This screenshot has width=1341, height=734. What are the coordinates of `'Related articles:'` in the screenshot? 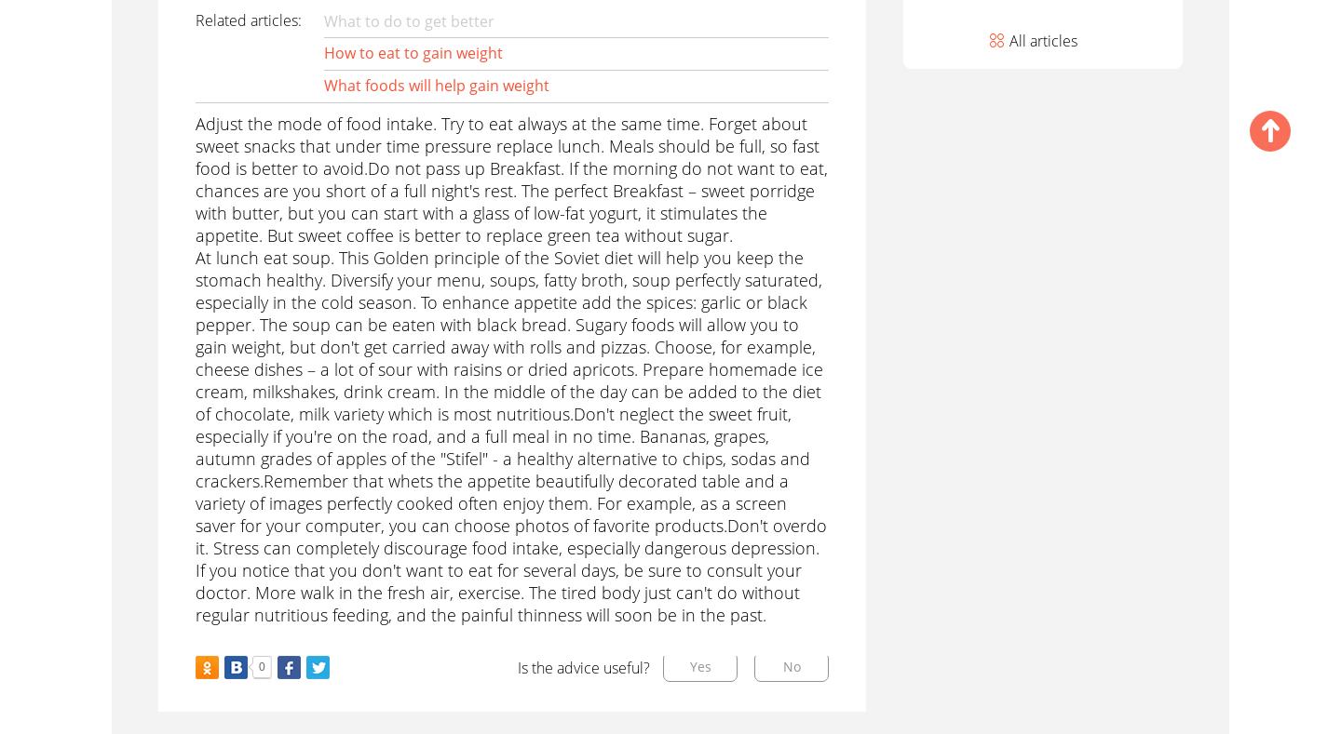 It's located at (246, 20).